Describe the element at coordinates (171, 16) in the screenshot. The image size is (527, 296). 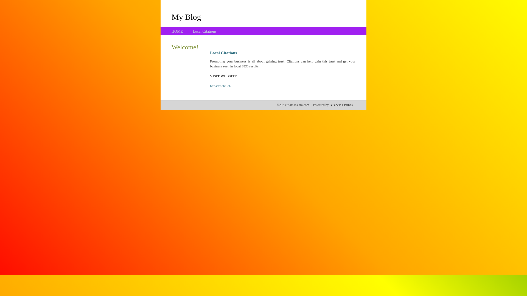
I see `'My Blog'` at that location.